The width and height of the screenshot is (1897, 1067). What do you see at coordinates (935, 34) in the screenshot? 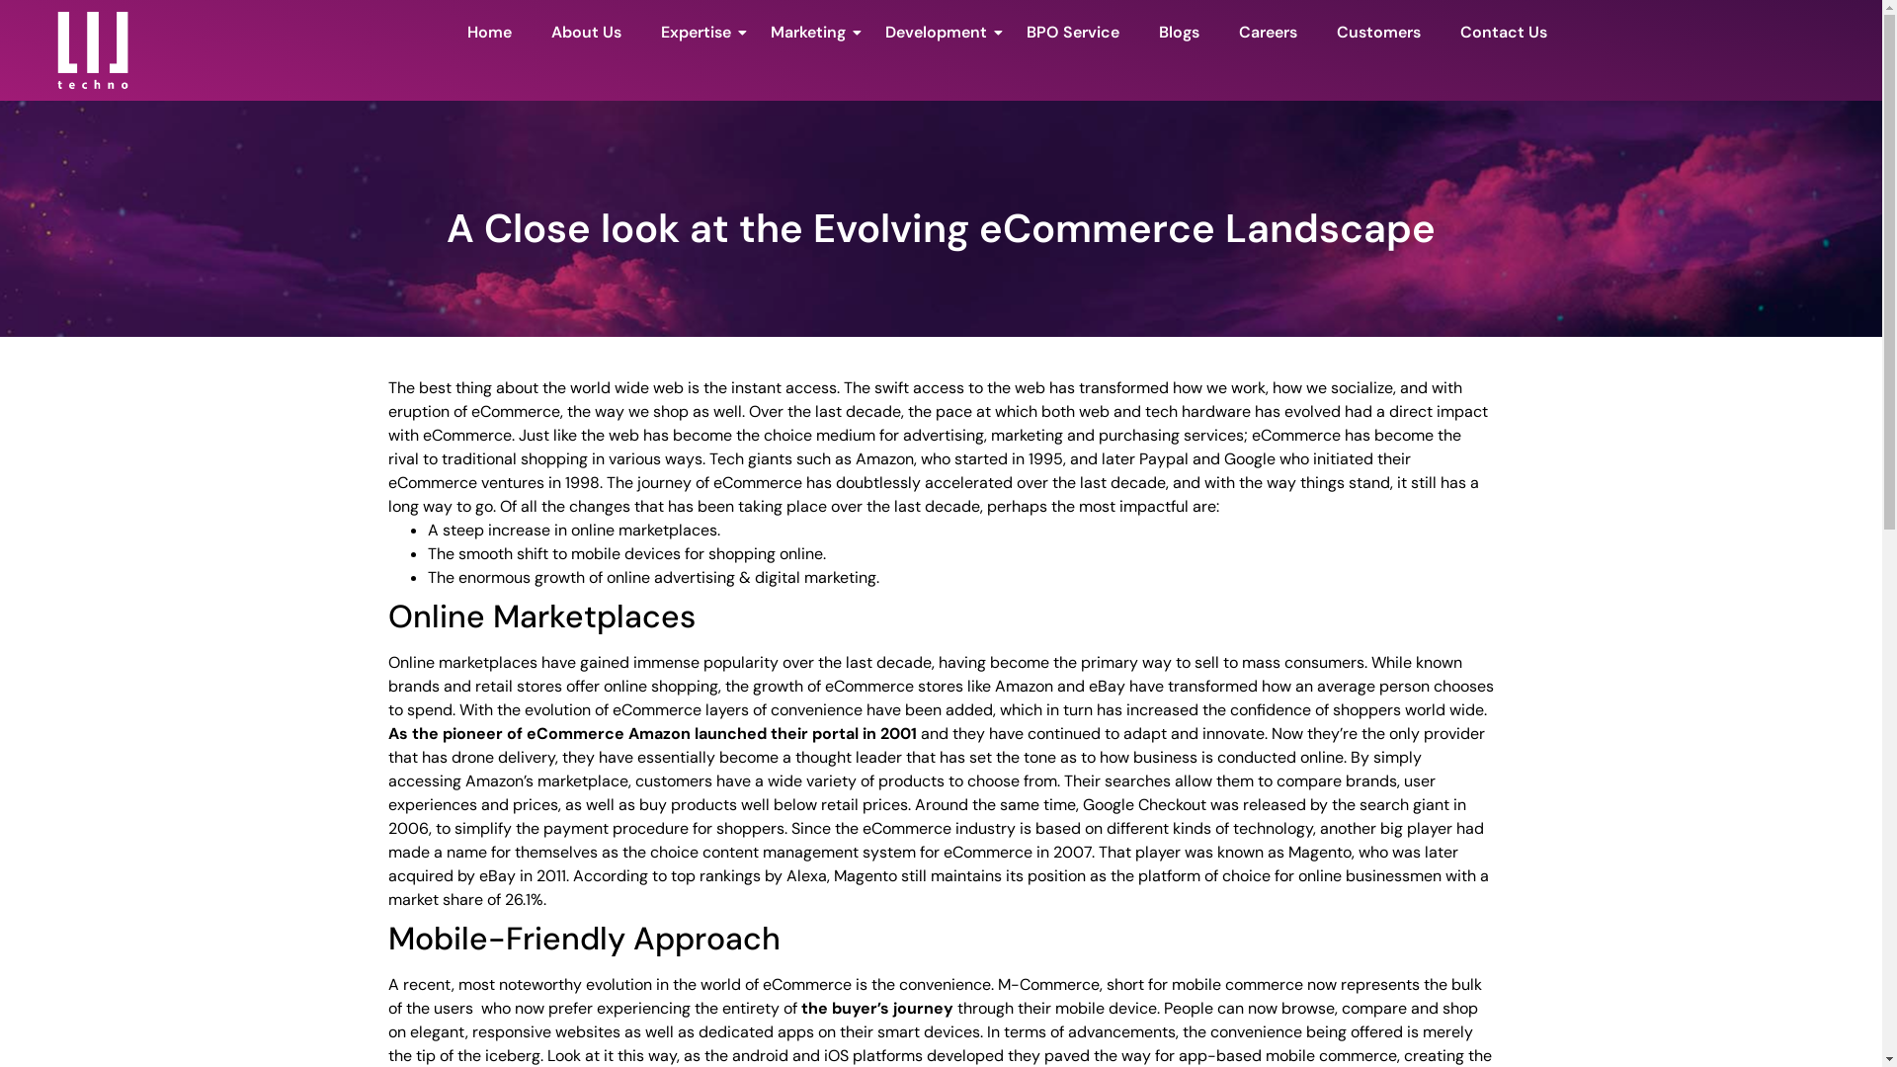
I see `'Development'` at bounding box center [935, 34].